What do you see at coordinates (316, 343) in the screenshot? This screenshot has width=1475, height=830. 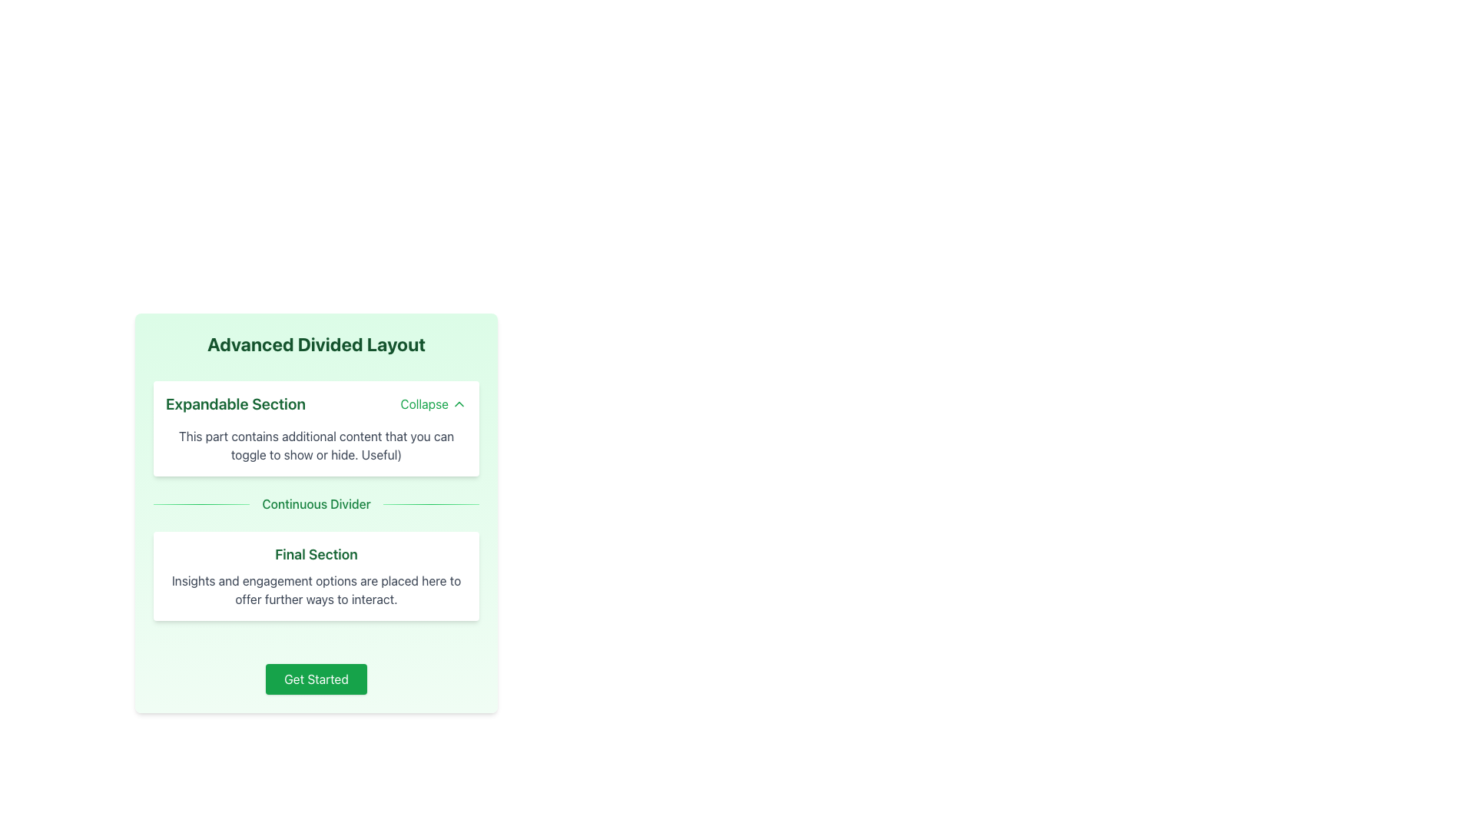 I see `text of the bold, large-sized green heading labeled 'Advanced Divided Layout' located at the top of the light green card layout` at bounding box center [316, 343].